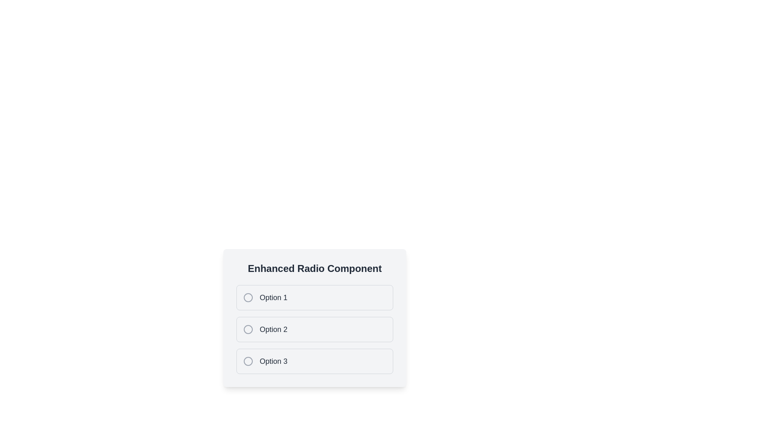 This screenshot has width=784, height=441. What do you see at coordinates (248, 361) in the screenshot?
I see `the inner circle of the radio button selection indicator, which represents the third option among the radio buttons` at bounding box center [248, 361].